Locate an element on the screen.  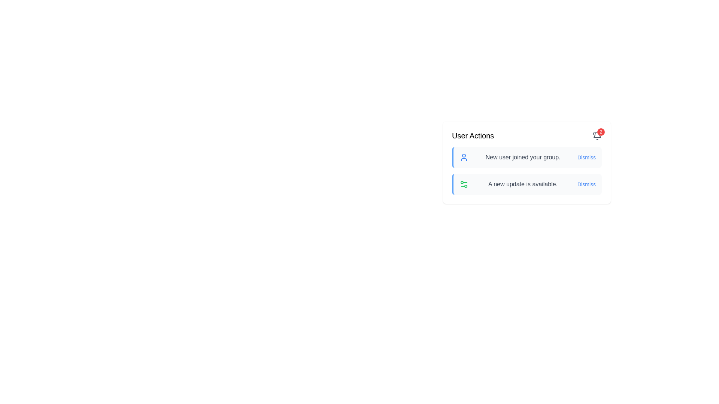
the text label displaying the message 'New user joined your group.' which is styled in gray (#707070) and located centrally within the notification list under the 'User Actions' section is located at coordinates (522, 157).